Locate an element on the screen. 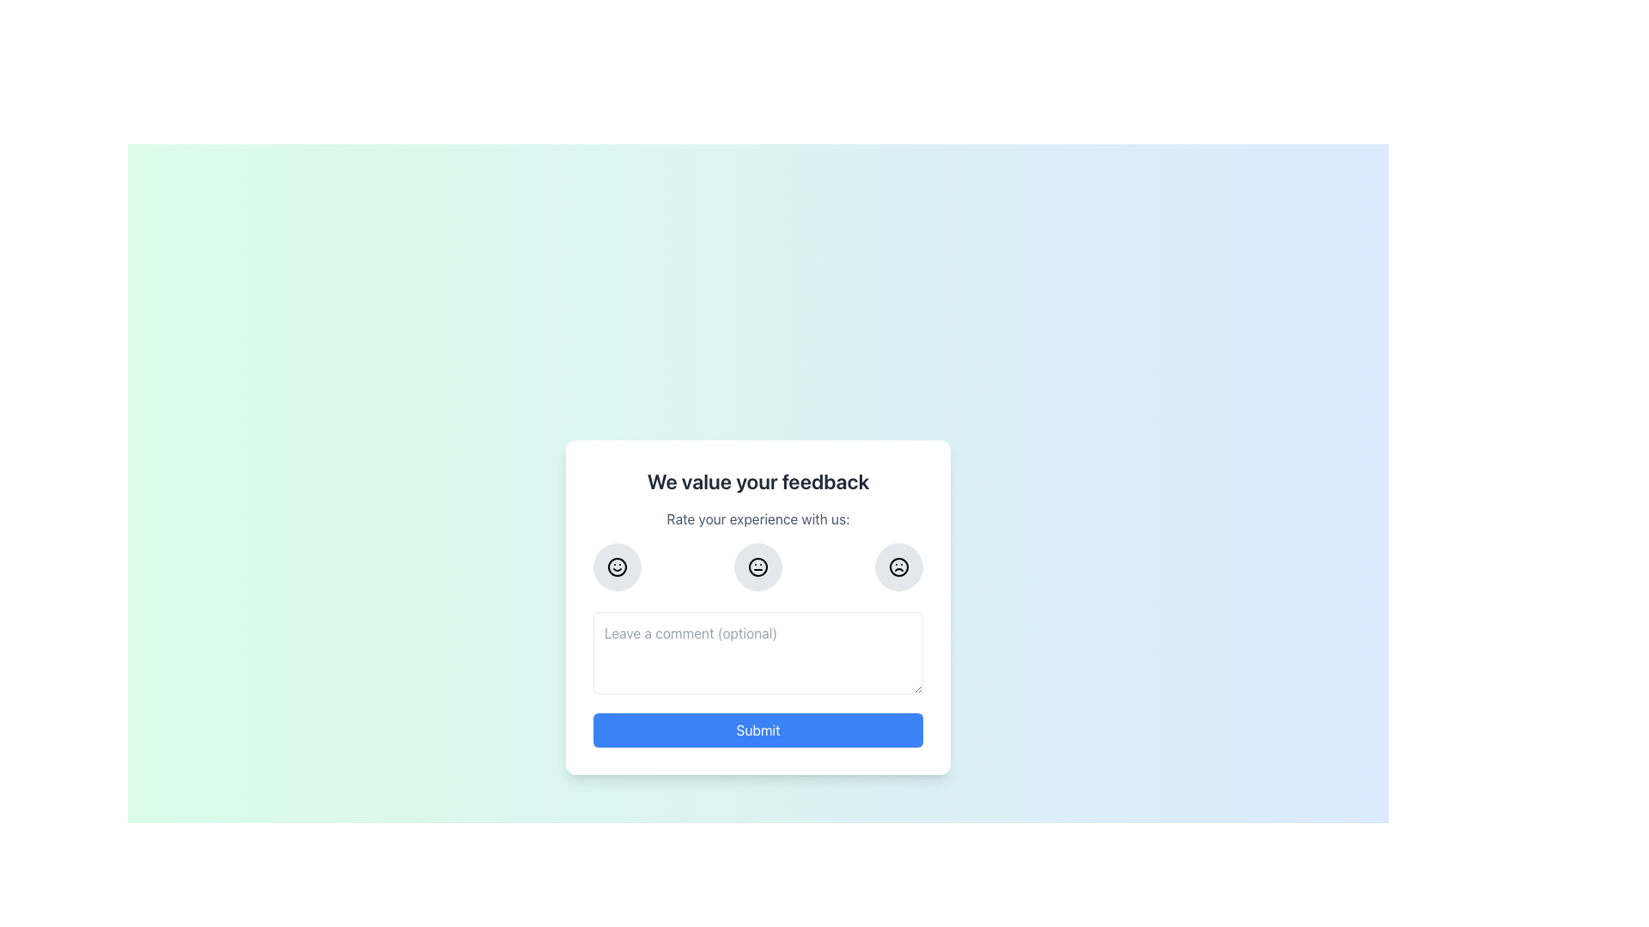  the neutral feedback icon button is located at coordinates (758, 566).